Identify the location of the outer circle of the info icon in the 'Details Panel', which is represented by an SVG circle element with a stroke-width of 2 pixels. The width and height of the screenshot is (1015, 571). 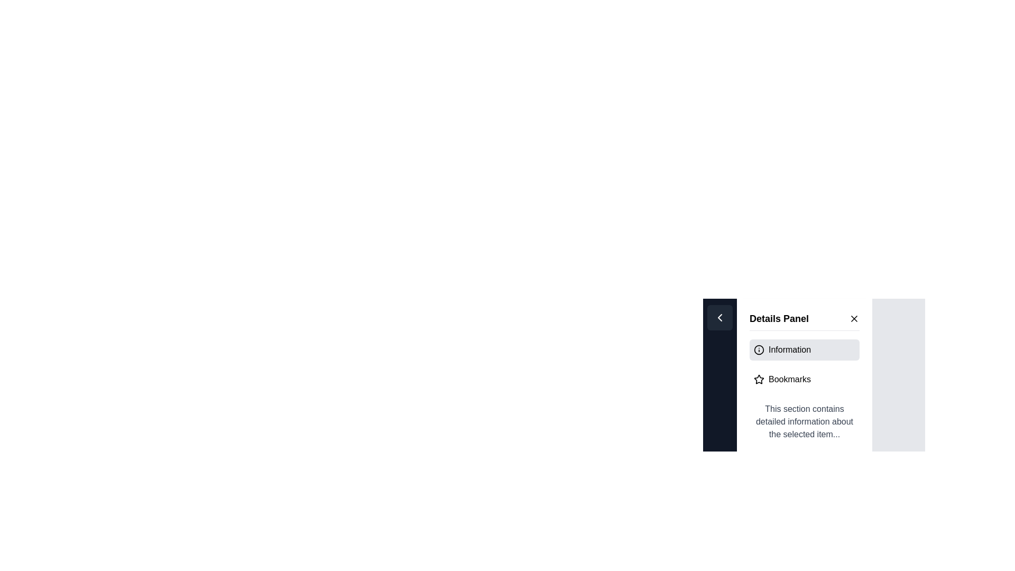
(758, 350).